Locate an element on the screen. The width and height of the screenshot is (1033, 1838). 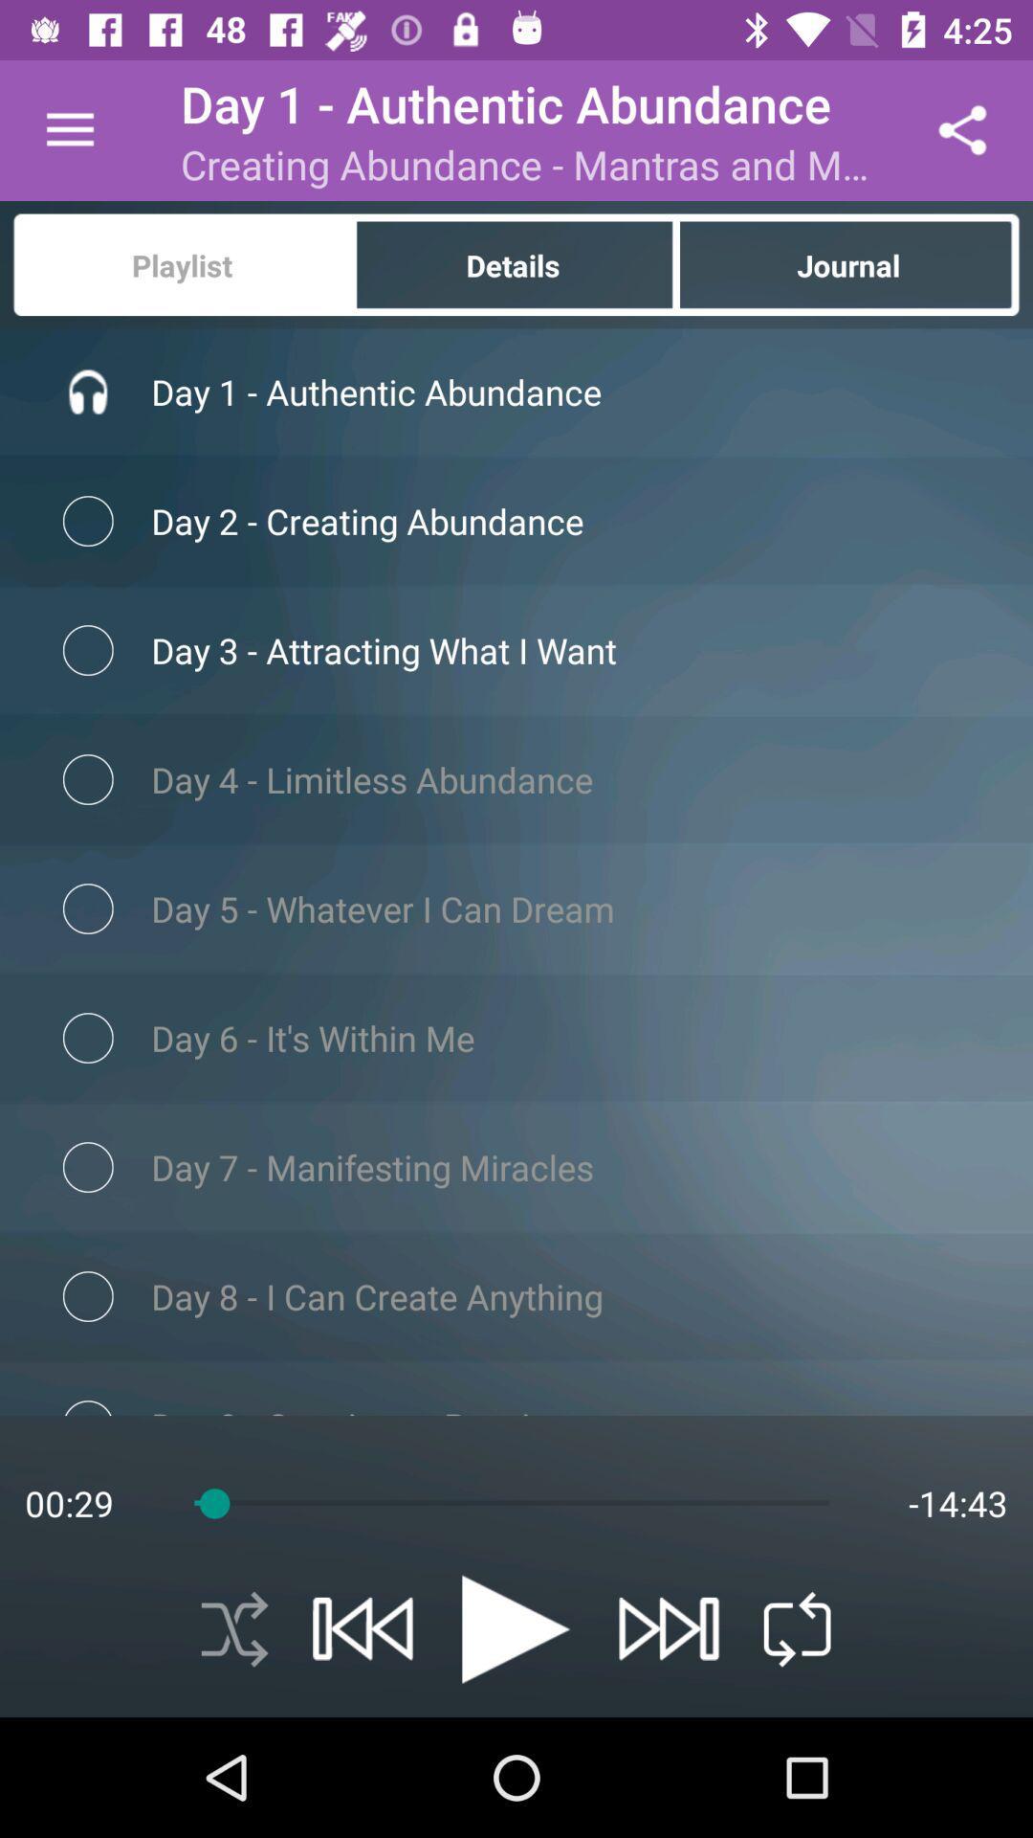
the av_rewind icon is located at coordinates (363, 1627).